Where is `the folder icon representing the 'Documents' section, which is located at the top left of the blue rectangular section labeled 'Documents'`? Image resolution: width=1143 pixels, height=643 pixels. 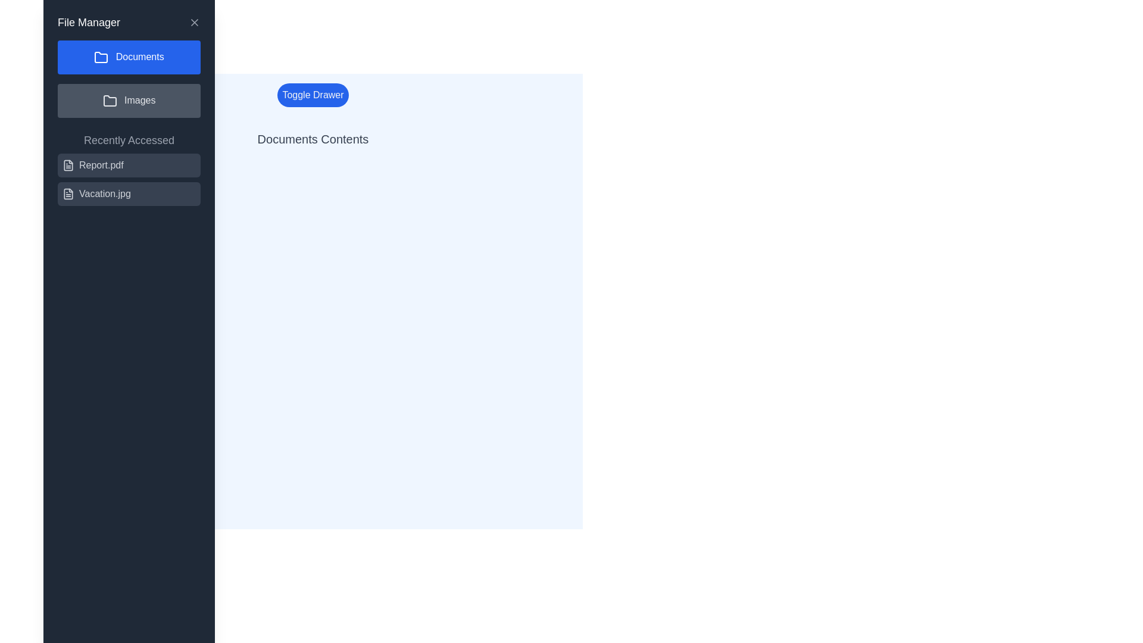
the folder icon representing the 'Documents' section, which is located at the top left of the blue rectangular section labeled 'Documents' is located at coordinates (101, 57).